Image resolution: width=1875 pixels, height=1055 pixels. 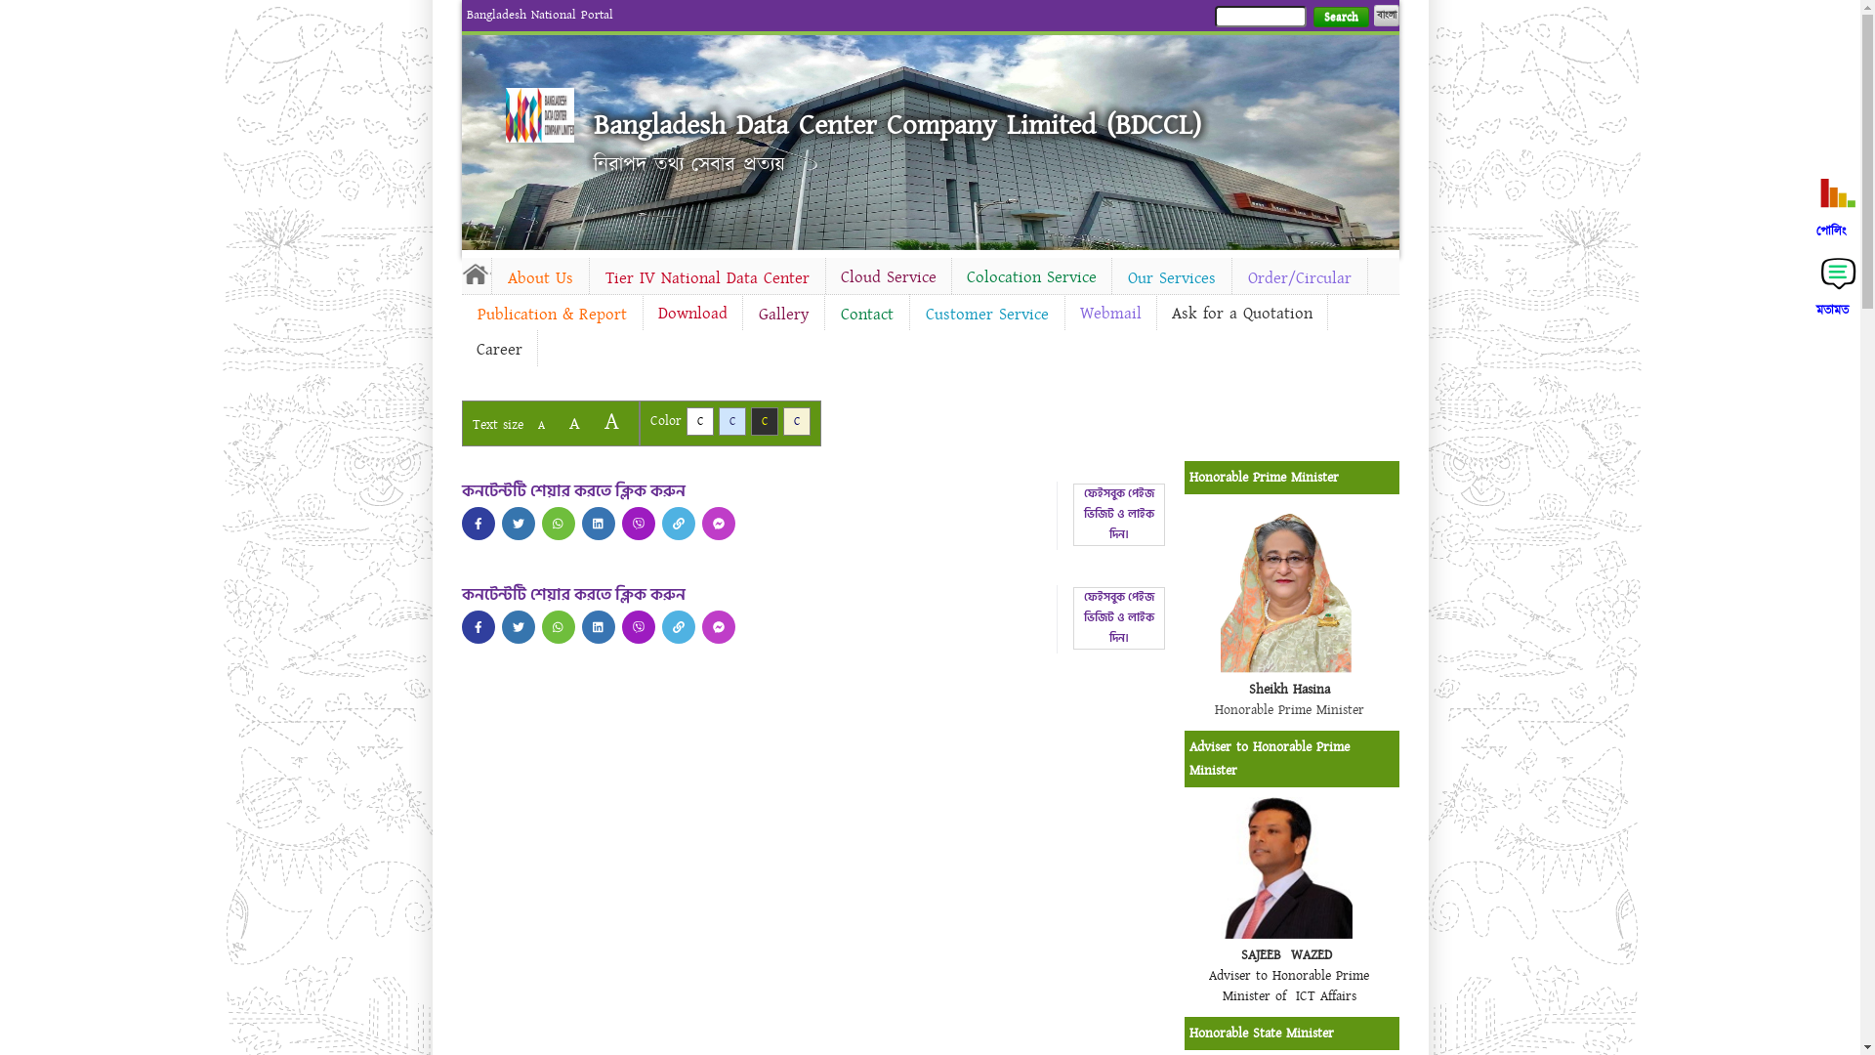 What do you see at coordinates (730, 420) in the screenshot?
I see `'C'` at bounding box center [730, 420].